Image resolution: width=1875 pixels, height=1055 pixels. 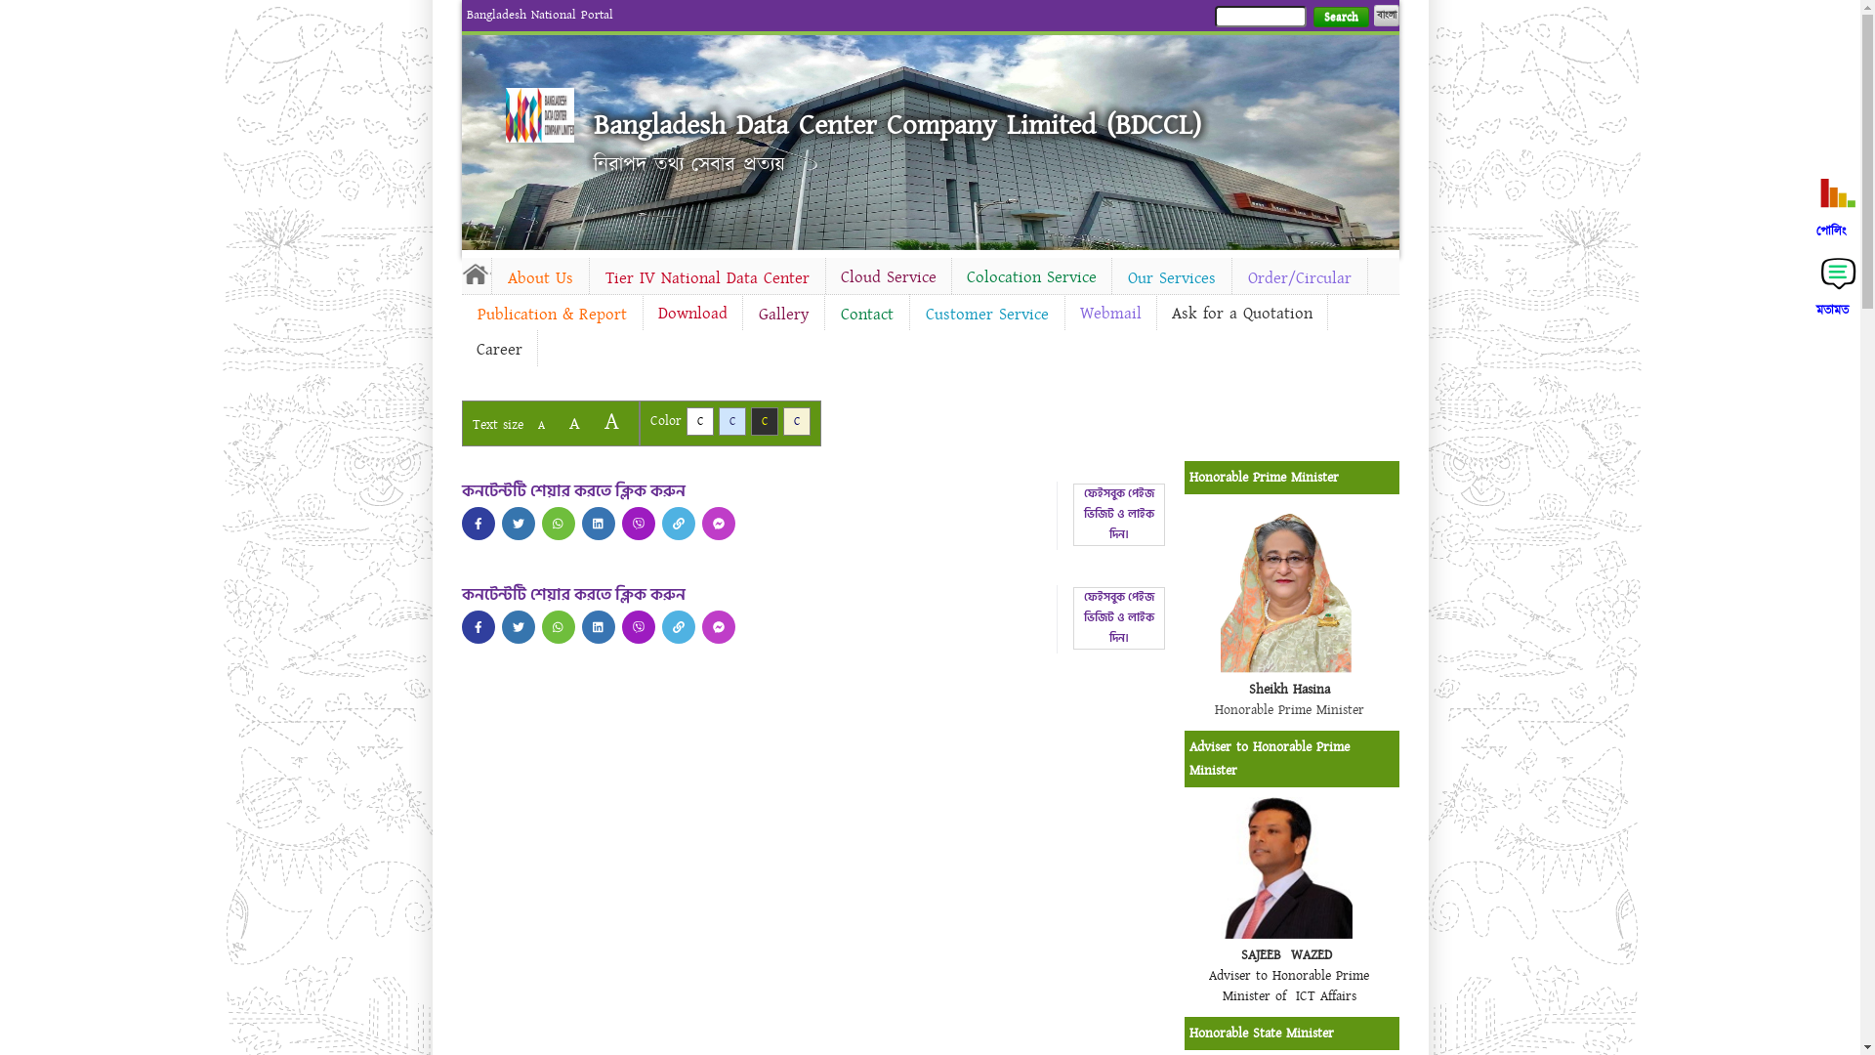 What do you see at coordinates (730, 420) in the screenshot?
I see `'C'` at bounding box center [730, 420].